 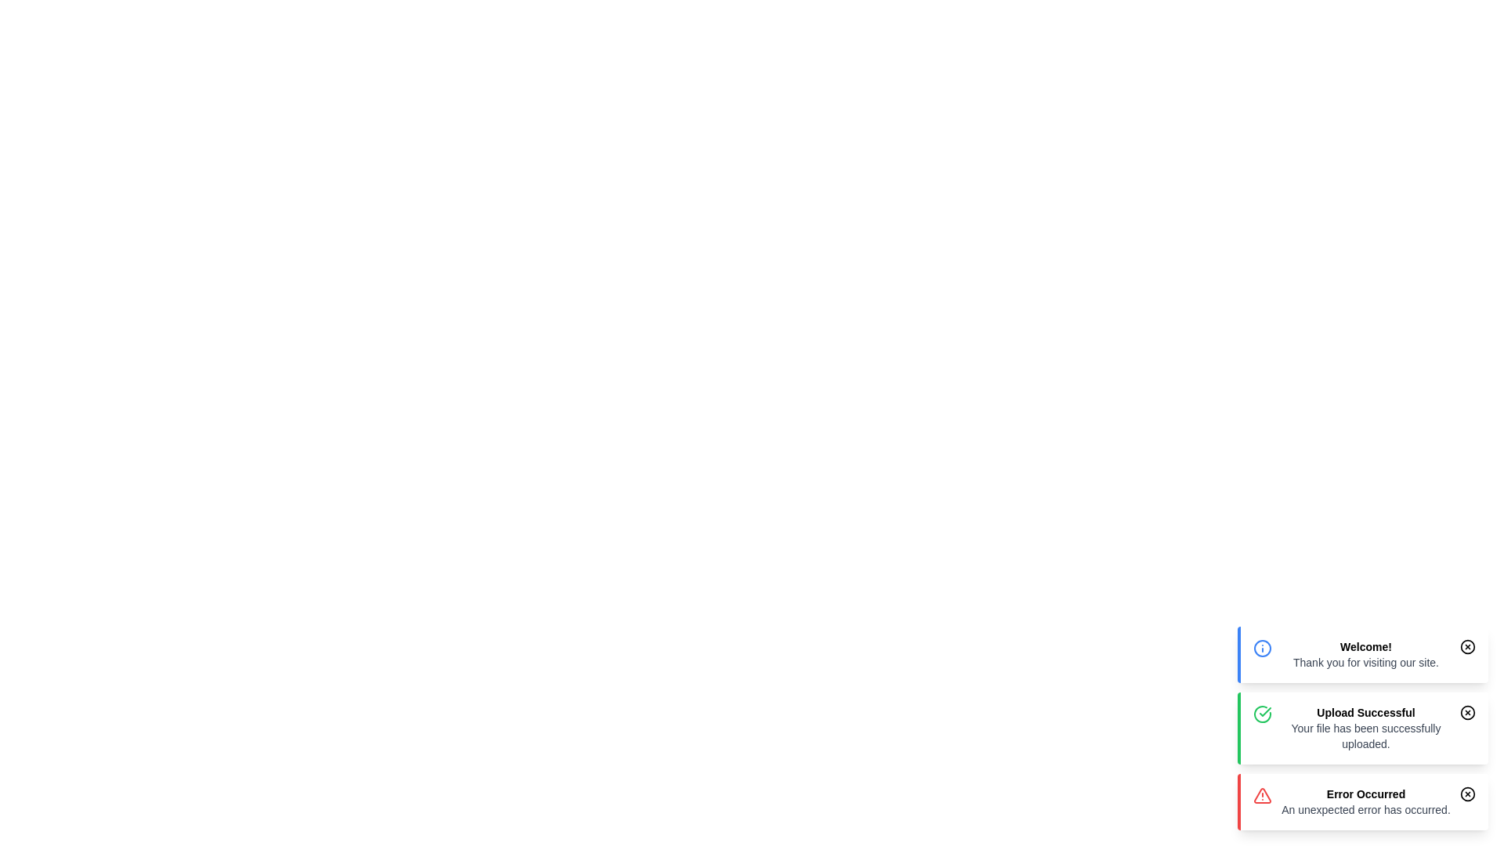 What do you see at coordinates (1365, 728) in the screenshot?
I see `message from the Notification card that confirms the successful completion of a file upload, which is the second item in the vertically stacked list of notifications` at bounding box center [1365, 728].